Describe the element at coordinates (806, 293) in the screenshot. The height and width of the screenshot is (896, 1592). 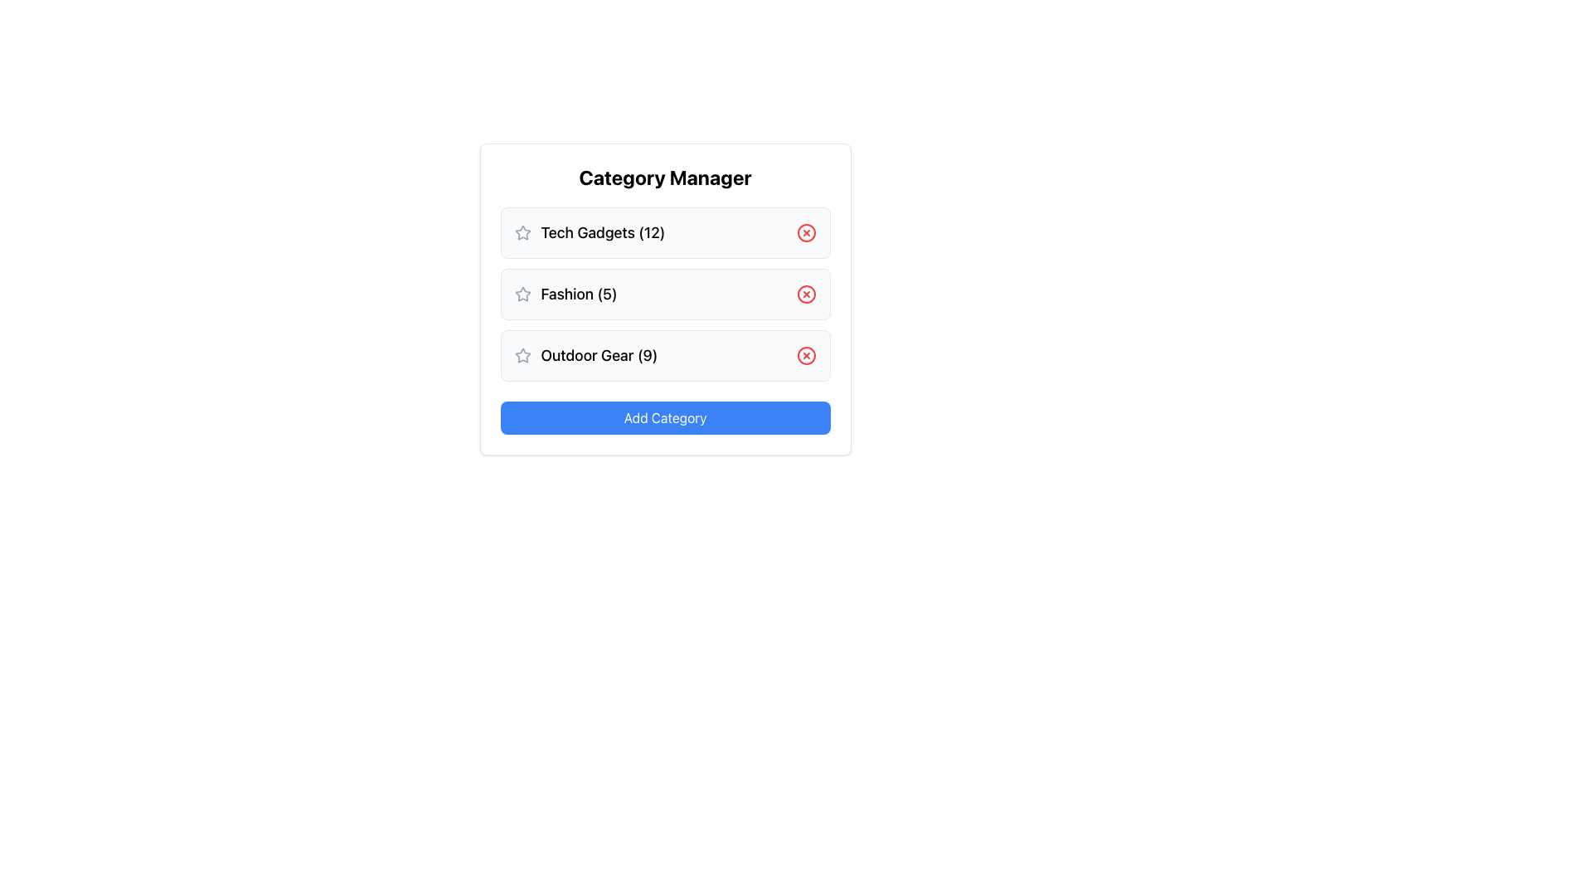
I see `the circular delete button located to the right of the text 'Fashion (5)'` at that location.